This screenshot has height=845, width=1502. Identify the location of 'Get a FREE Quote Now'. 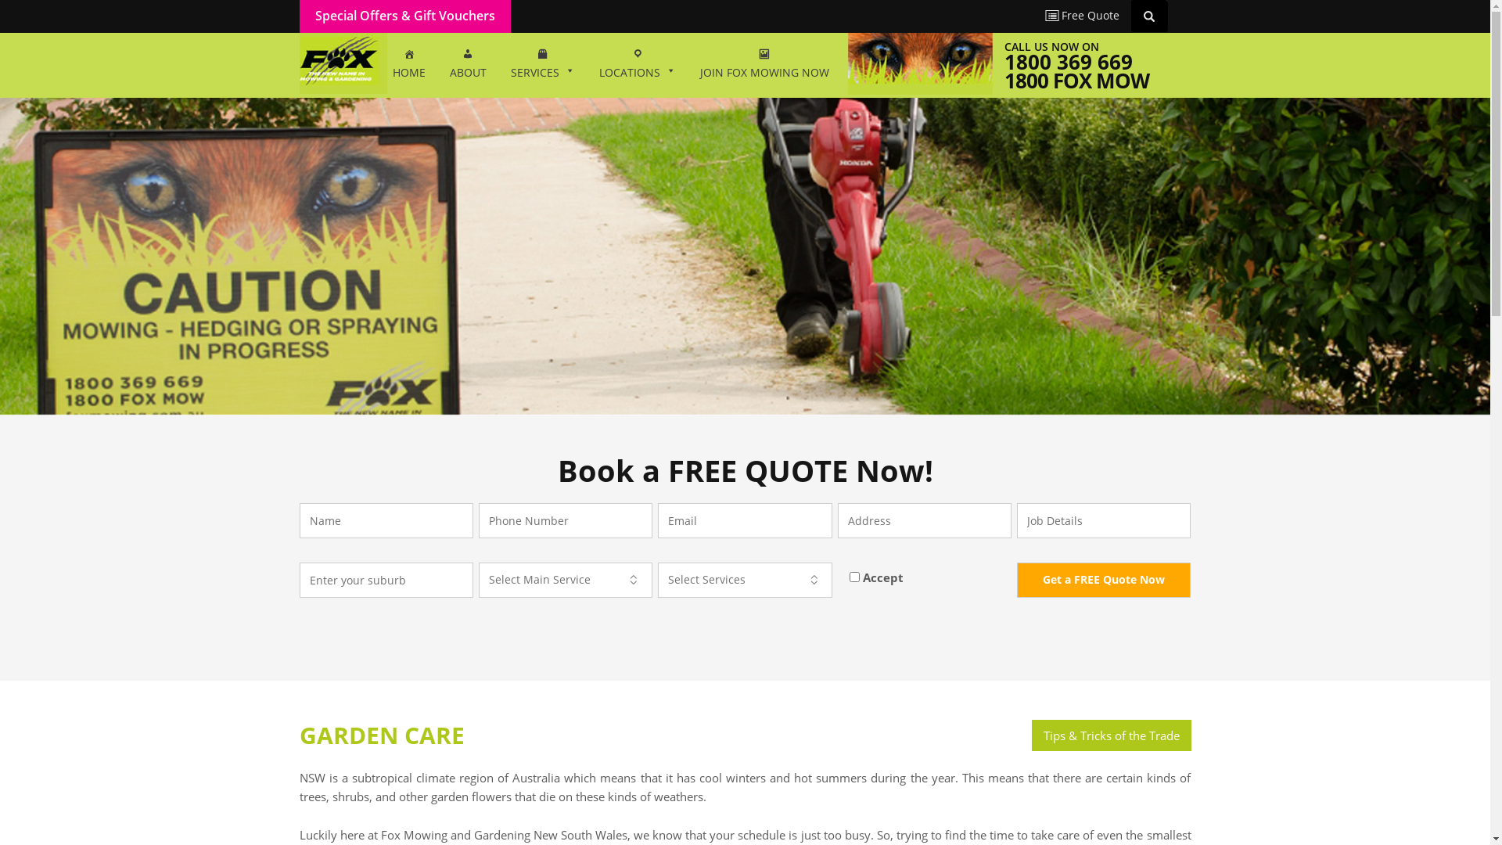
(1017, 580).